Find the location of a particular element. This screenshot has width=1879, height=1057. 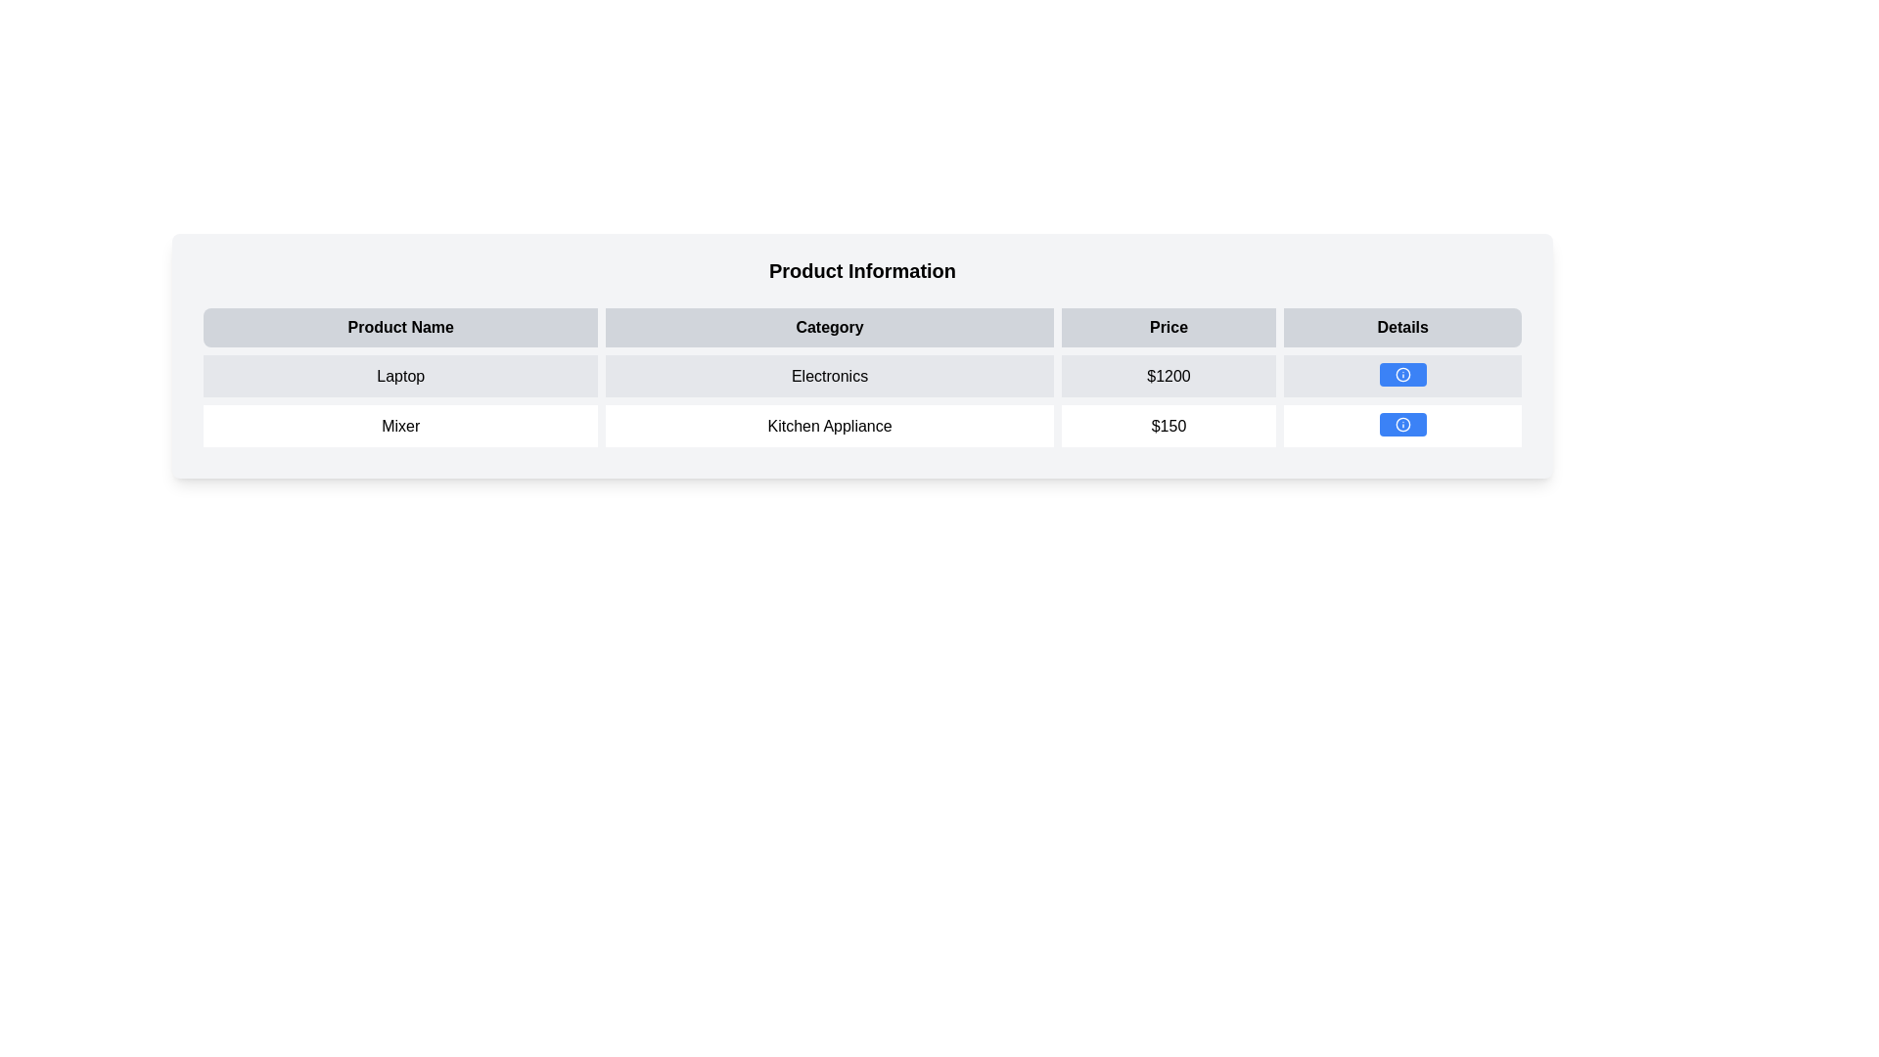

the button located in the 'Details' column of the second row in the table is located at coordinates (1401, 424).